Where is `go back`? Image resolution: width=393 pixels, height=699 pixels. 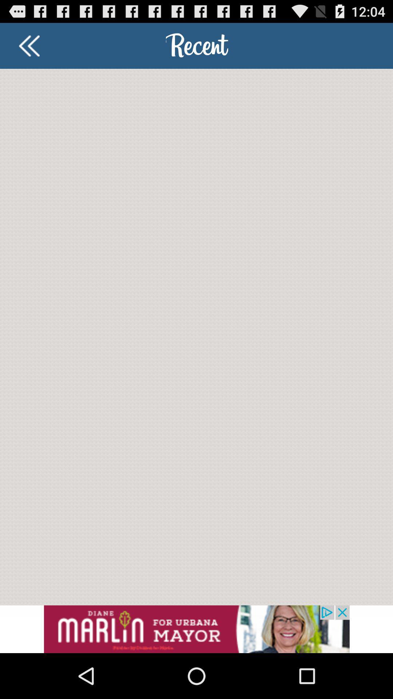 go back is located at coordinates (29, 45).